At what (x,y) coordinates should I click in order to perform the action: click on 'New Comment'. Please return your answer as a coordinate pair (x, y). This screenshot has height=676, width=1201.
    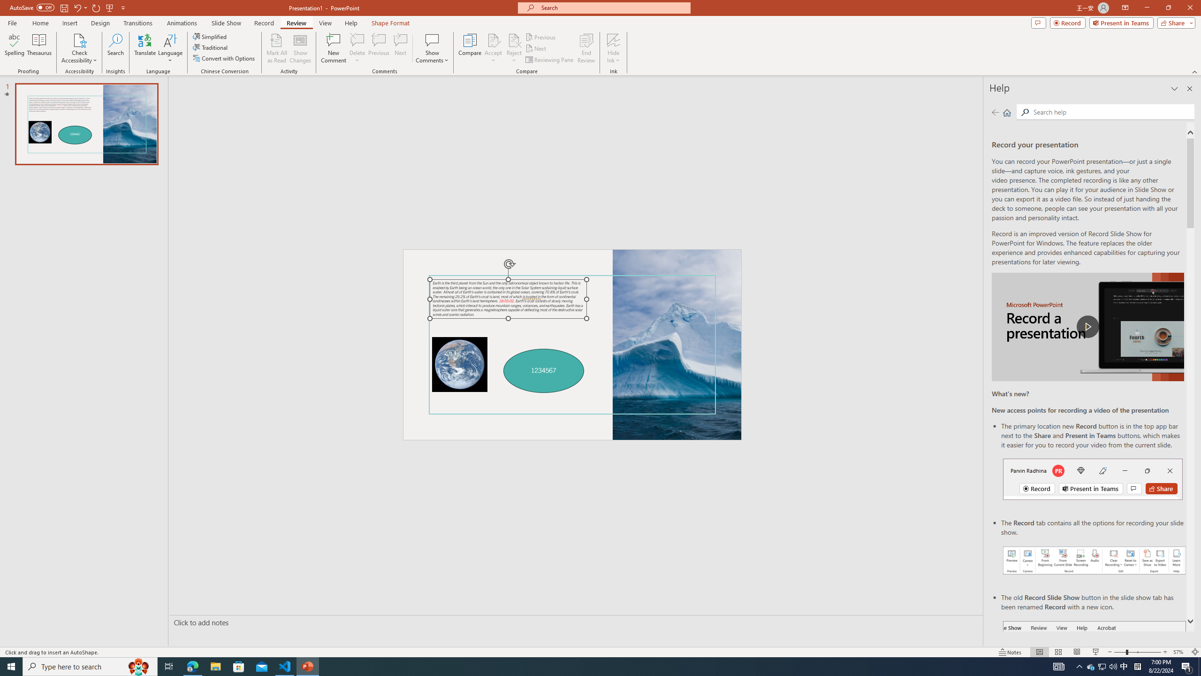
    Looking at the image, I should click on (333, 48).